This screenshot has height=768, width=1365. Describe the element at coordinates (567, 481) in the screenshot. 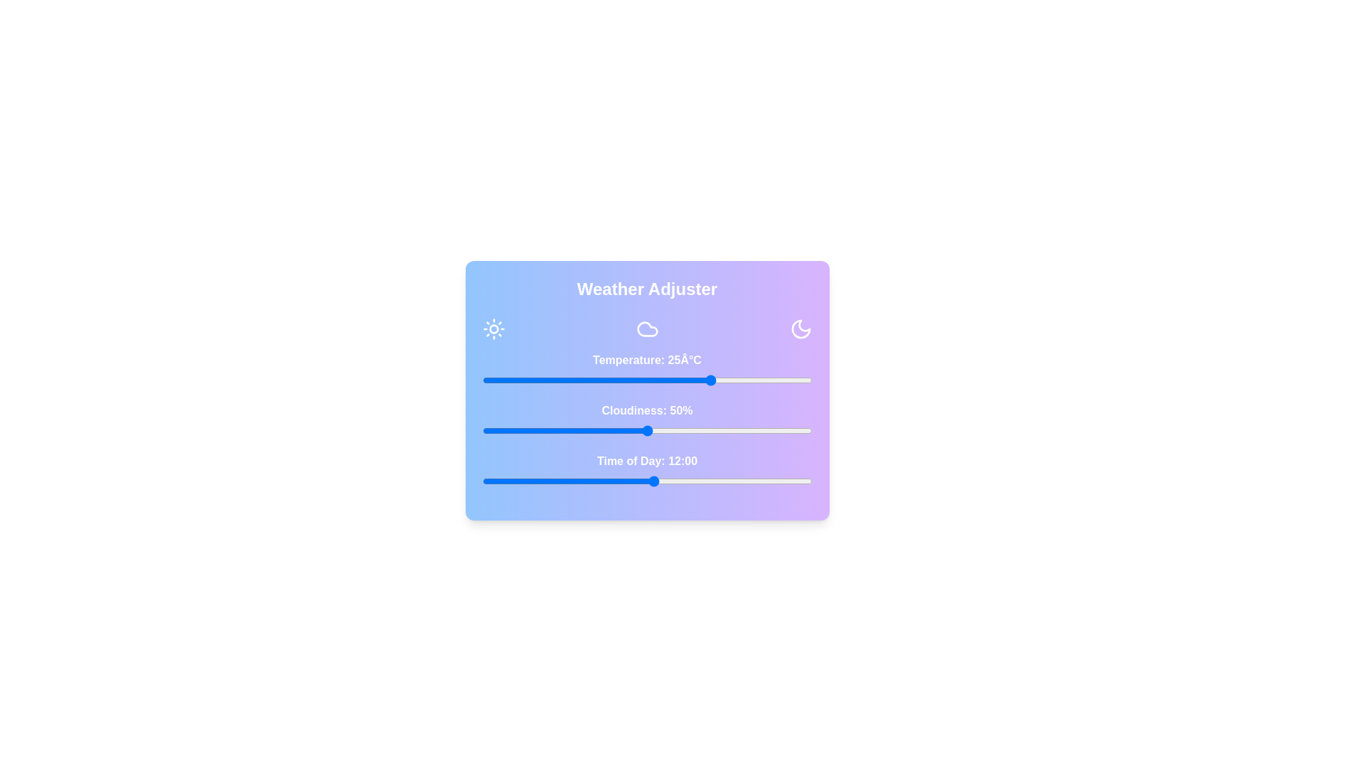

I see `the time of day` at that location.